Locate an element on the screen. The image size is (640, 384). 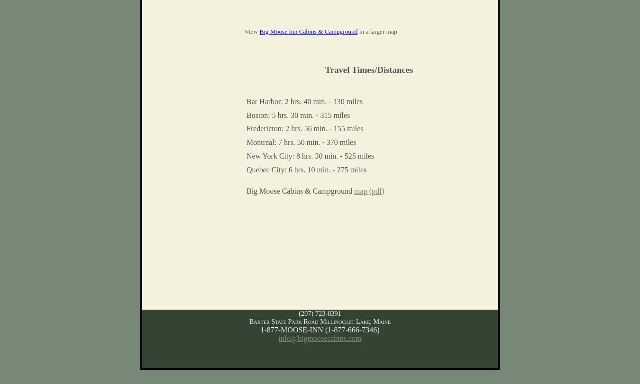
'map (pdf)' is located at coordinates (368, 190).